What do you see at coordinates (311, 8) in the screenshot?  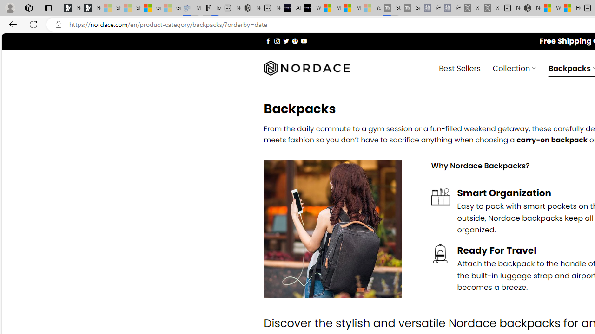 I see `'What'` at bounding box center [311, 8].